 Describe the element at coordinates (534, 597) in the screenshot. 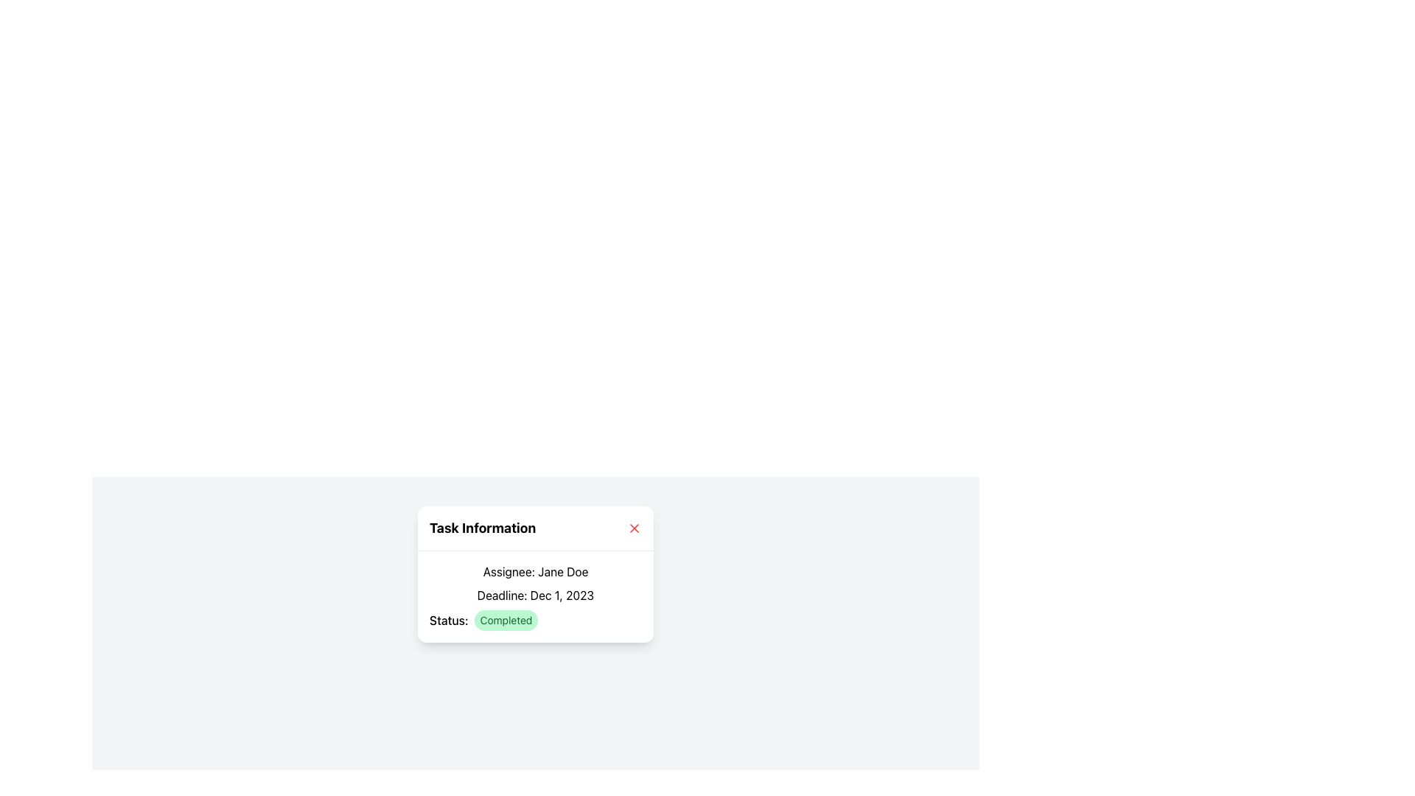

I see `the static informational block in the 'Task Information' modal that displays task-specific details like assignee, deadline, and status` at that location.